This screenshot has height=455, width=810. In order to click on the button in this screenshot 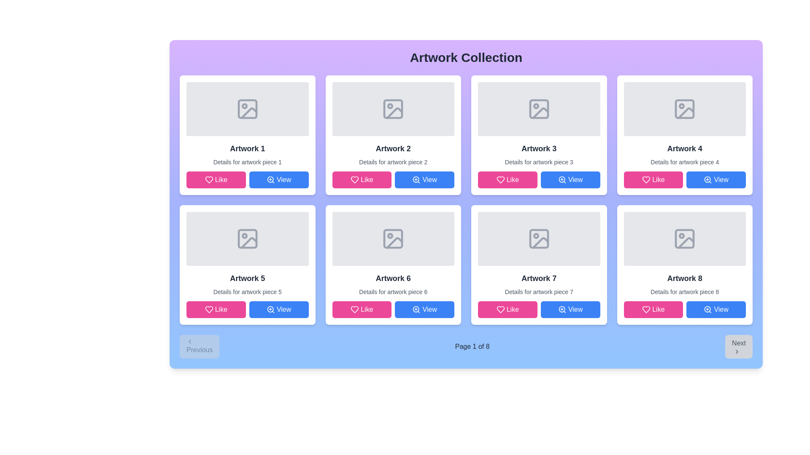, I will do `click(570, 310)`.